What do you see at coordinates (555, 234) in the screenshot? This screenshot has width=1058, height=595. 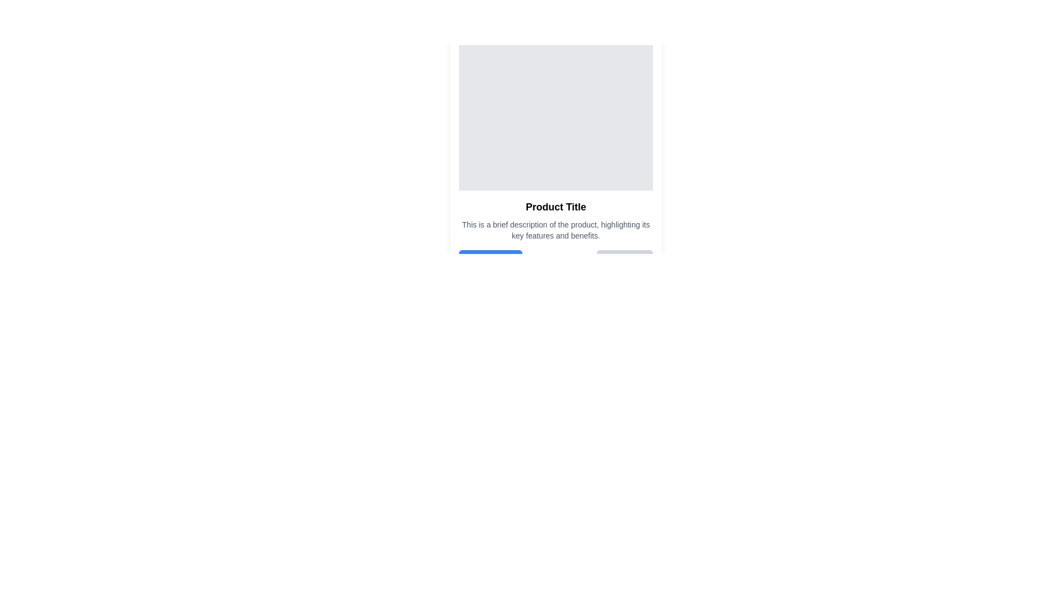 I see `the Text Block that contains the heading 'Product Title' and the description 'This is a brief description of the product, highlighting its key features and benefits.'` at bounding box center [555, 234].